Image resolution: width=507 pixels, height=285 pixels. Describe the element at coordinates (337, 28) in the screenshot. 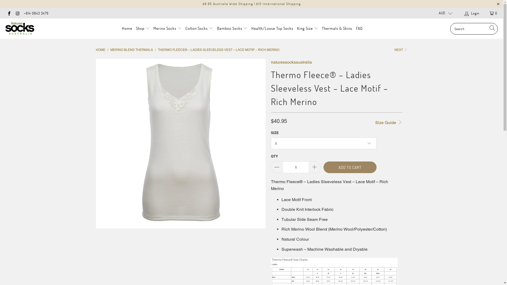

I see `'Thermals & Skins'` at that location.